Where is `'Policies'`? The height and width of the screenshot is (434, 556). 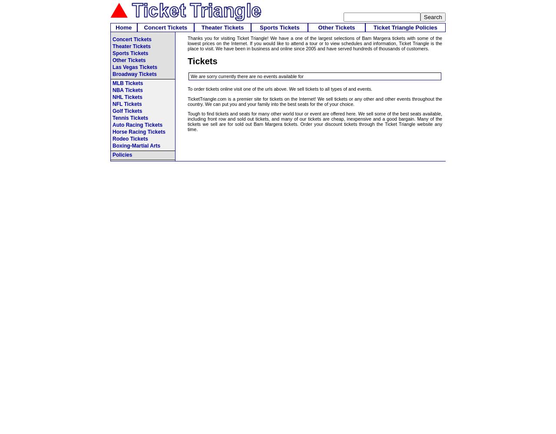
'Policies' is located at coordinates (122, 155).